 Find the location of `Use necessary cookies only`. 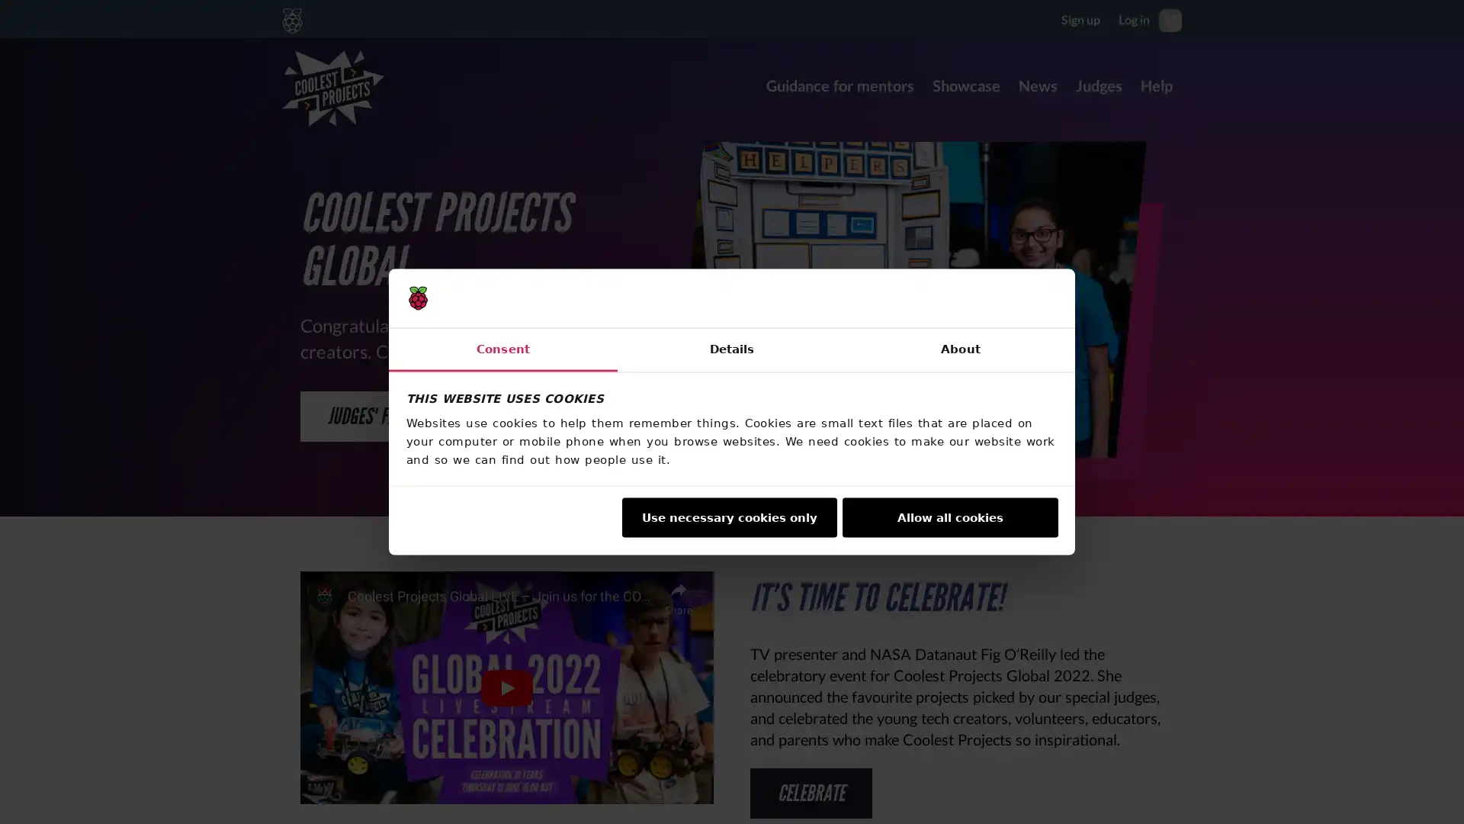

Use necessary cookies only is located at coordinates (727, 517).